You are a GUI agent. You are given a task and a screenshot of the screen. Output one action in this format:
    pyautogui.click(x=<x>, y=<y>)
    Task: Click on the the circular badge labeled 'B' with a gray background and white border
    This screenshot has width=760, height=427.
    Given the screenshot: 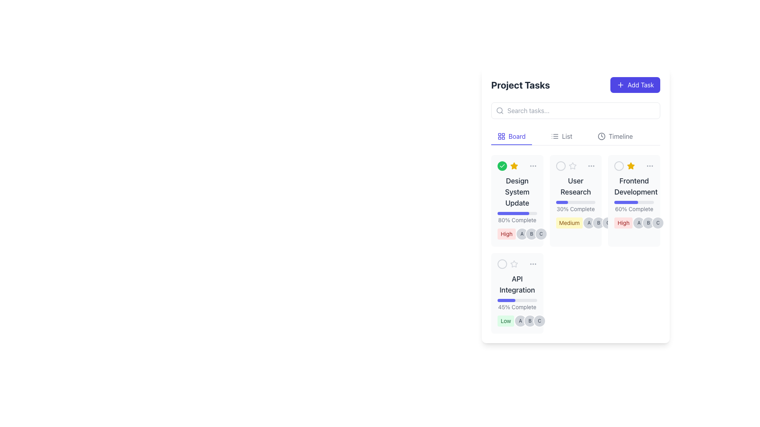 What is the action you would take?
    pyautogui.click(x=532, y=233)
    